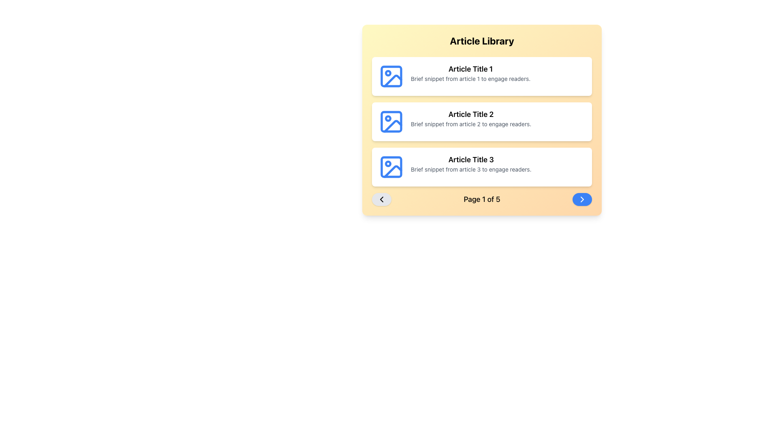 The height and width of the screenshot is (437, 778). I want to click on the vertical list of three cards styled with a white background, rounded corners, and a subtle shadow, located directly below the 'Article Library' heading, so click(482, 121).